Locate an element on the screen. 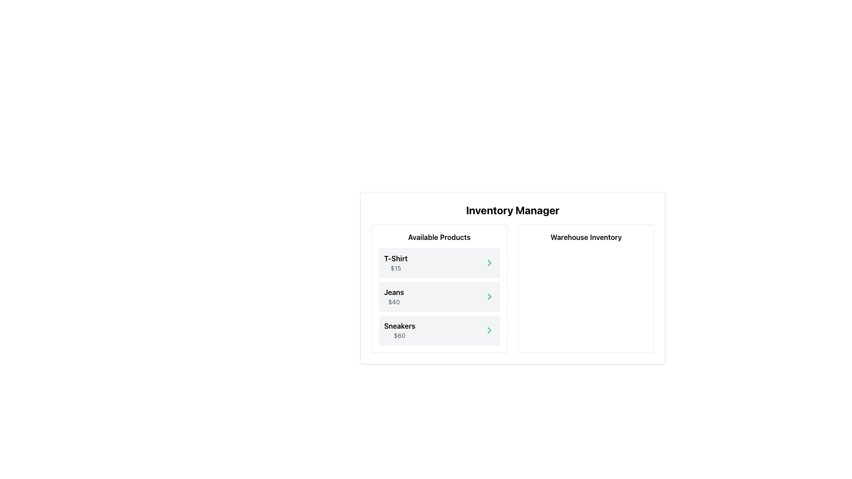  product name and price displayed in the topmost entry of the 'Available Products' section, which is part of the inventory management interface is located at coordinates (395, 263).